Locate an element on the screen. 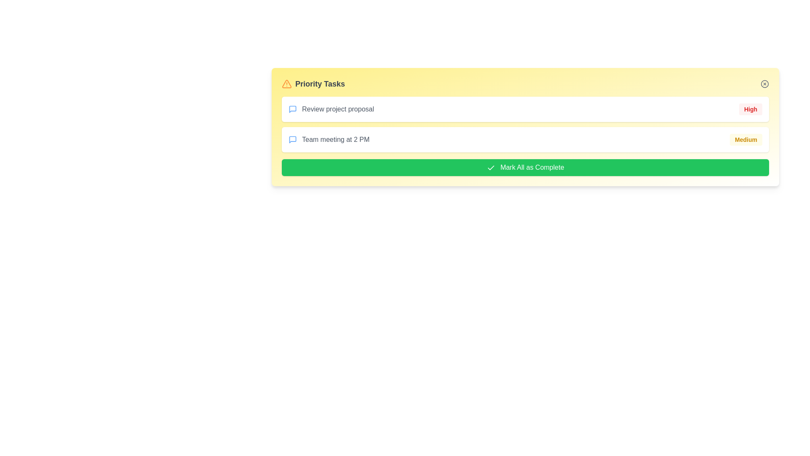  the close button to dismiss the alert is located at coordinates (765, 84).